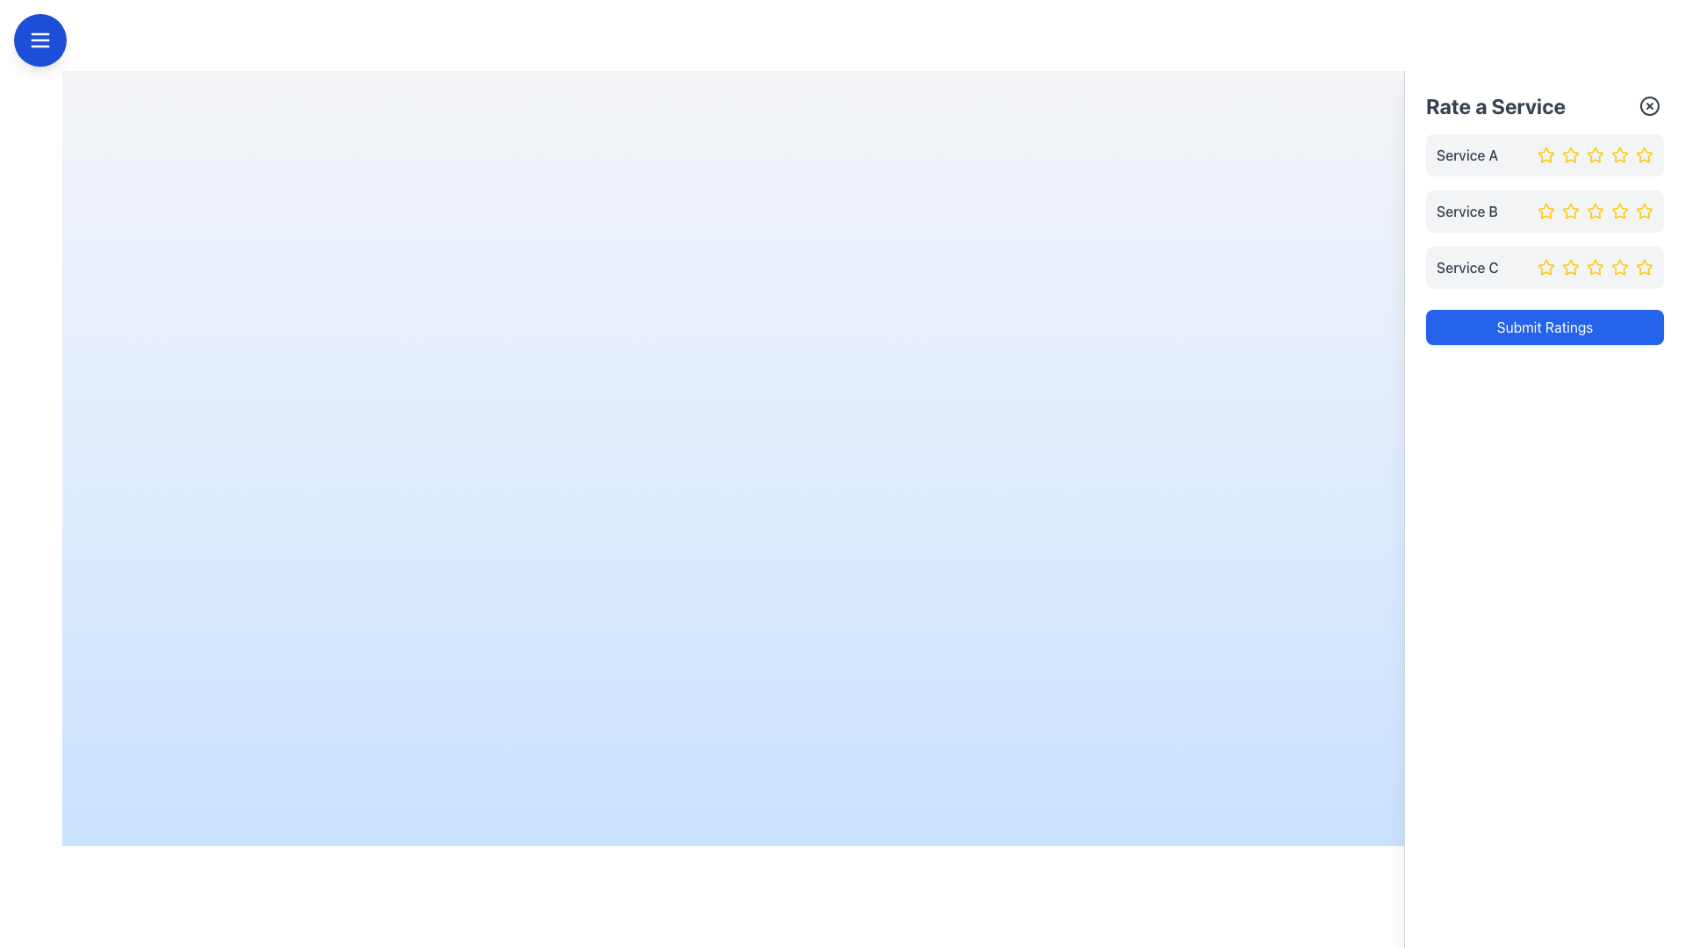 The image size is (1685, 948). Describe the element at coordinates (1649, 105) in the screenshot. I see `the circular graphical component in the top-right corner of the 'Rate a Service' panel to close the panel by clicking on the enclosing SVG group` at that location.